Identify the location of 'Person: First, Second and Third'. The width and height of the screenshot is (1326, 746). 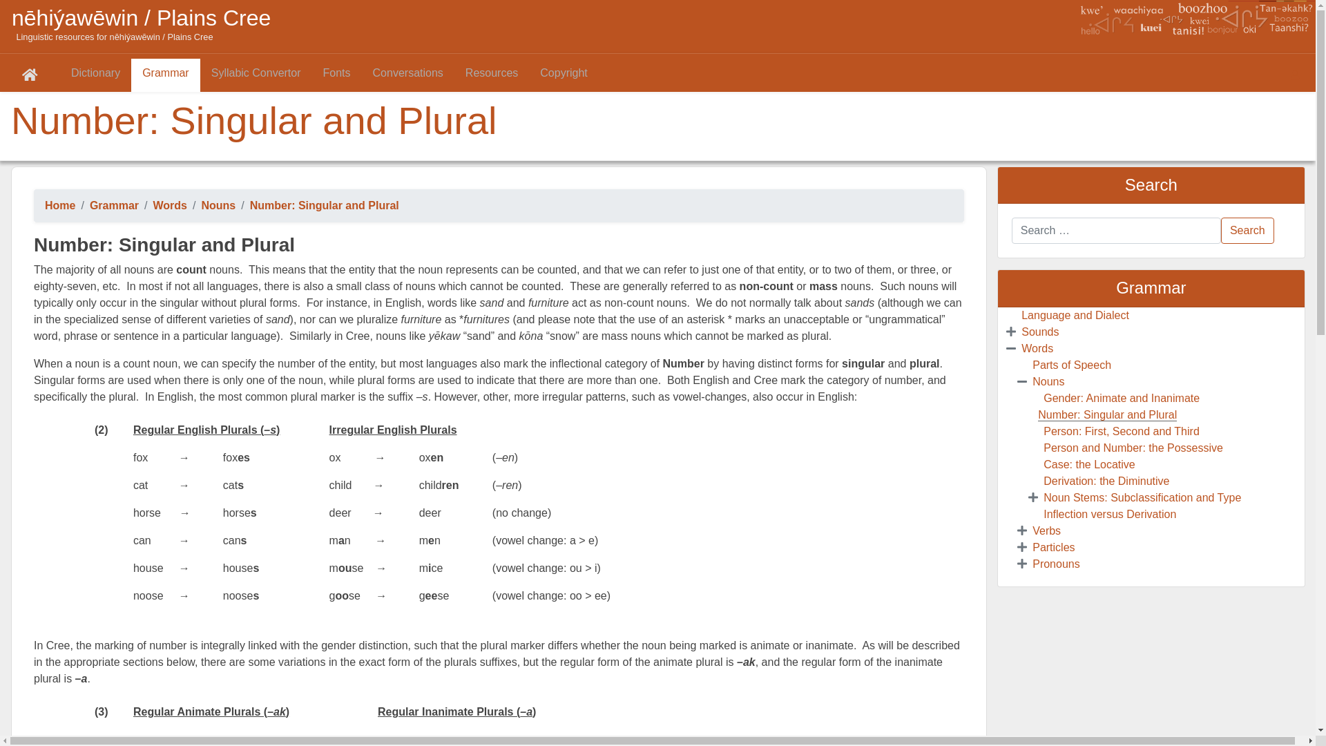
(1121, 430).